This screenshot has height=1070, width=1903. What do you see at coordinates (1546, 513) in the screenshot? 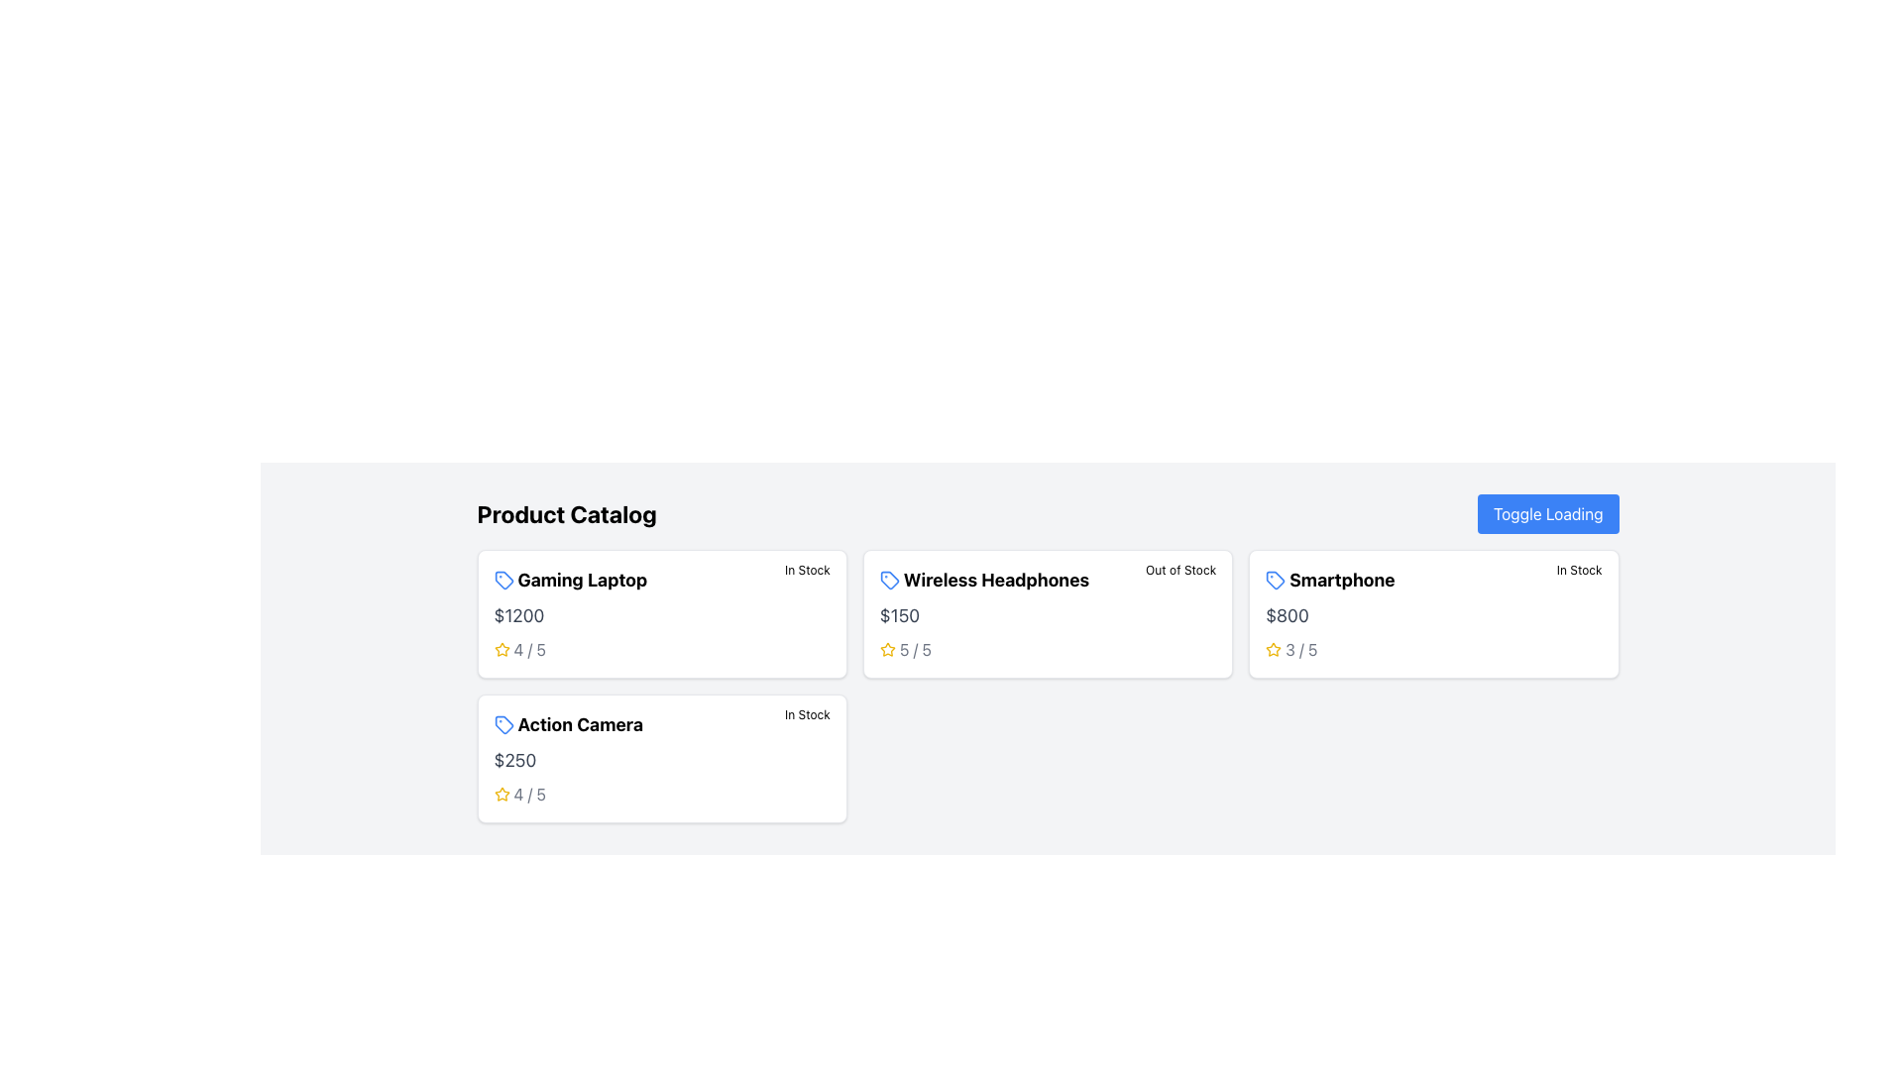
I see `the 'Toggle Loading' button located in the 'Product Catalog' section with a blue background and white text` at bounding box center [1546, 513].